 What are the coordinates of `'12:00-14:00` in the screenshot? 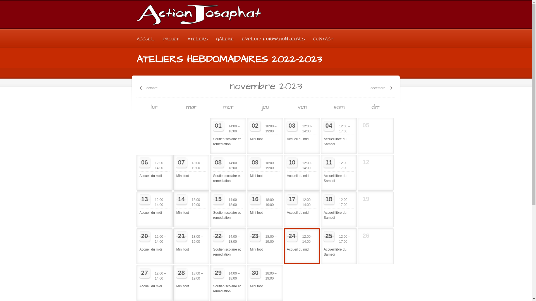 It's located at (301, 241).